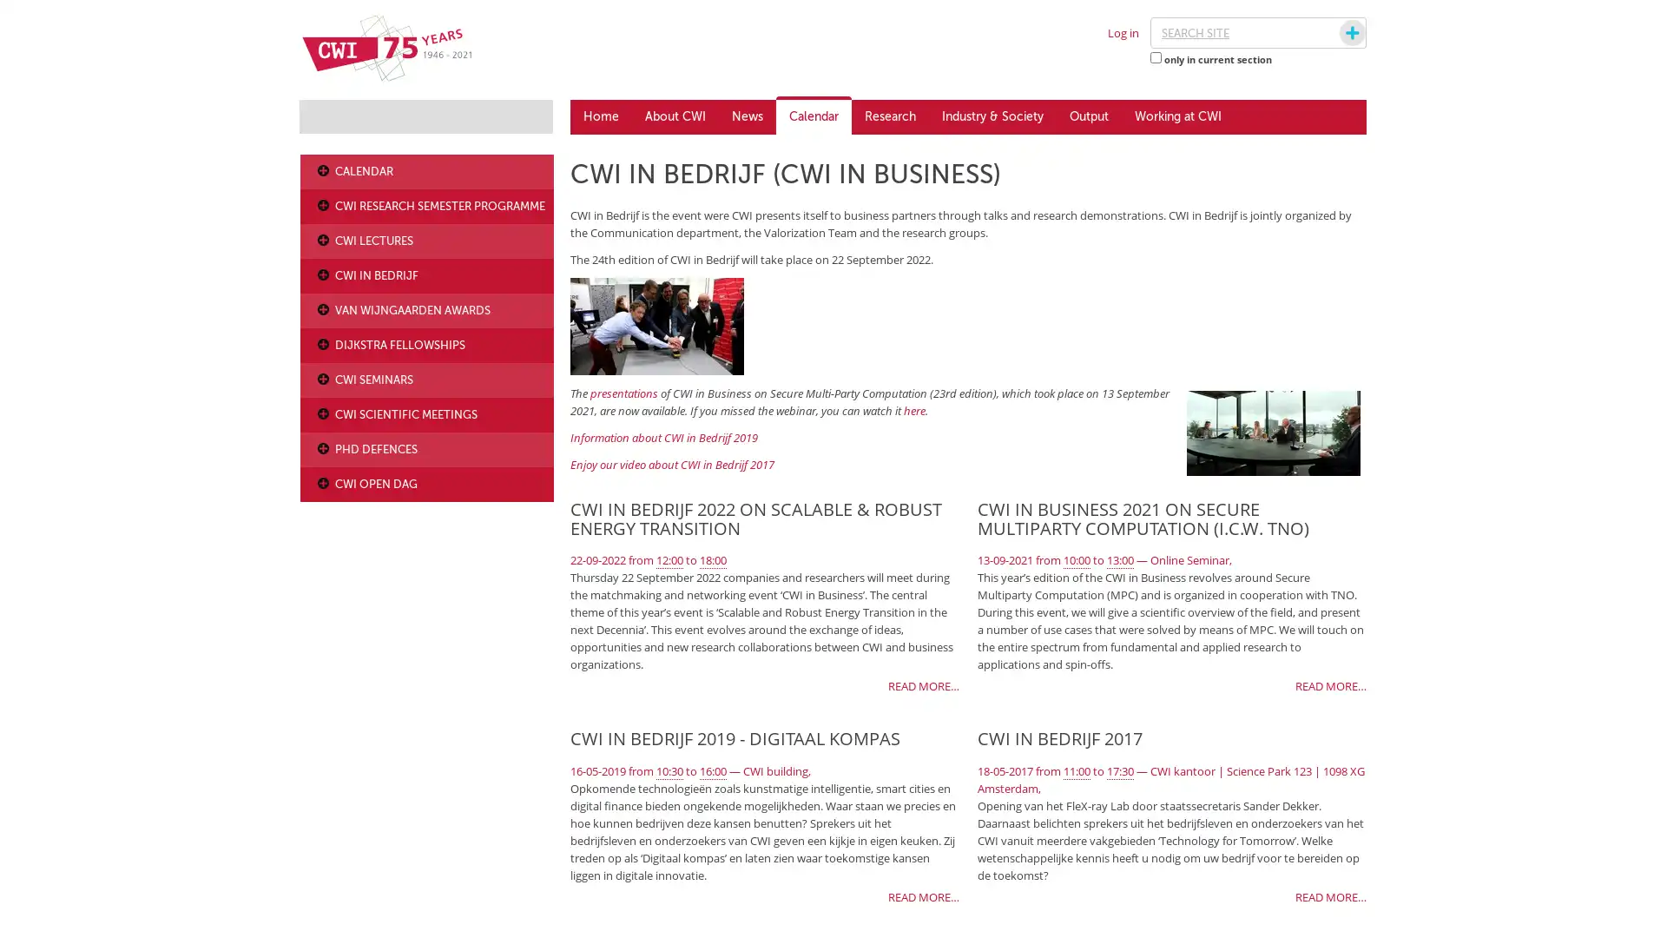 The image size is (1667, 938). Describe the element at coordinates (1335, 33) in the screenshot. I see `Search` at that location.